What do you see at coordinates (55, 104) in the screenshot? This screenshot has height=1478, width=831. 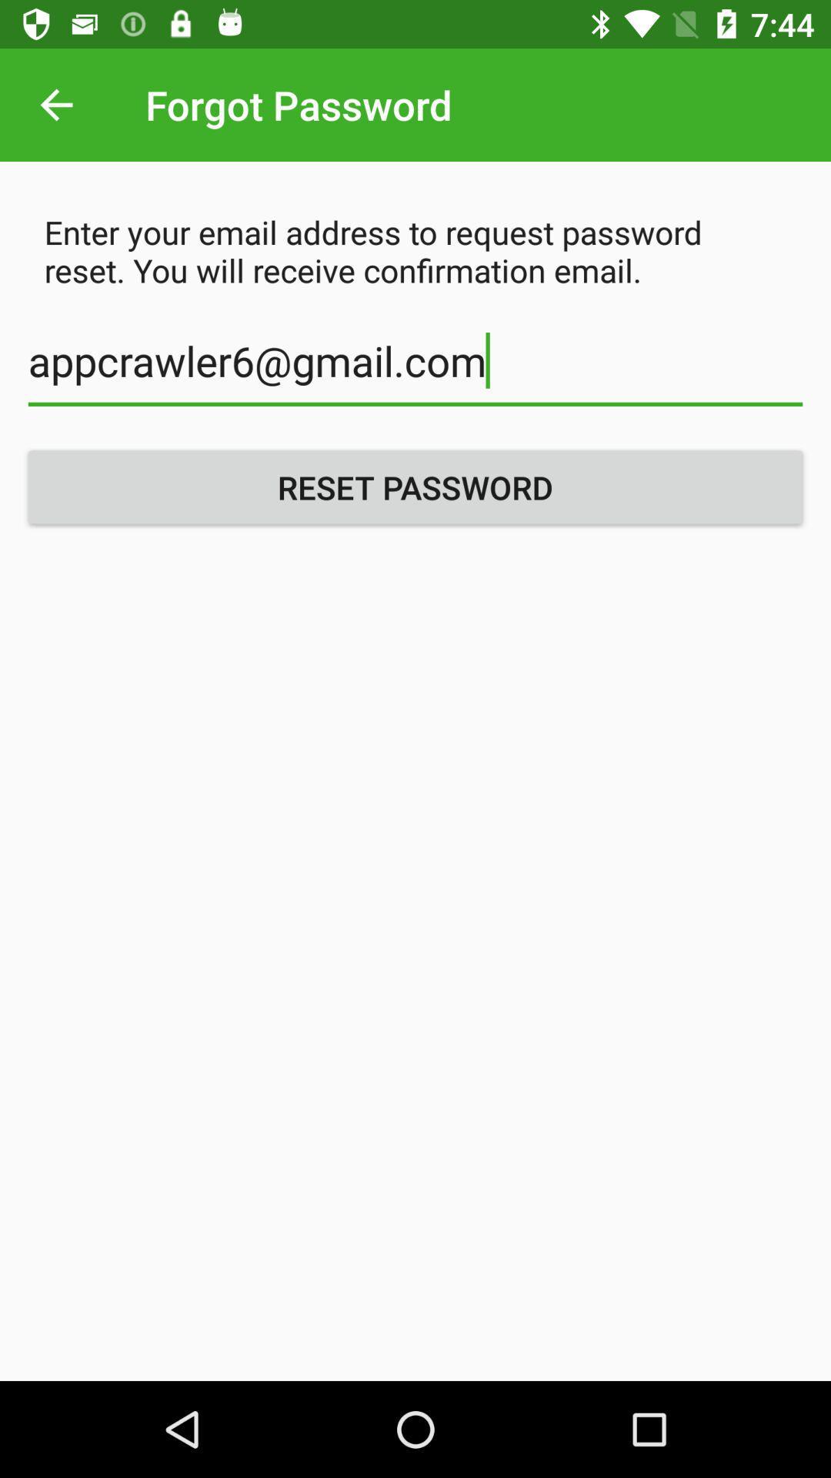 I see `back` at bounding box center [55, 104].